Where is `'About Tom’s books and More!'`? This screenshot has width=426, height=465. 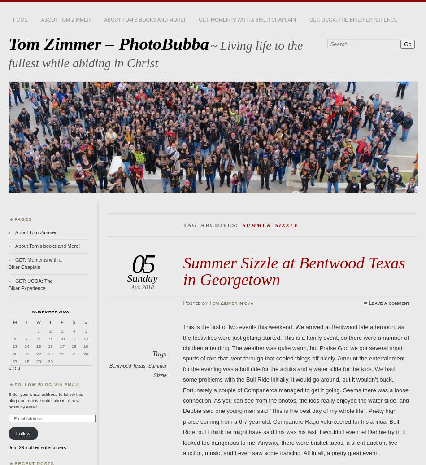
'About Tom’s books and More!' is located at coordinates (47, 246).